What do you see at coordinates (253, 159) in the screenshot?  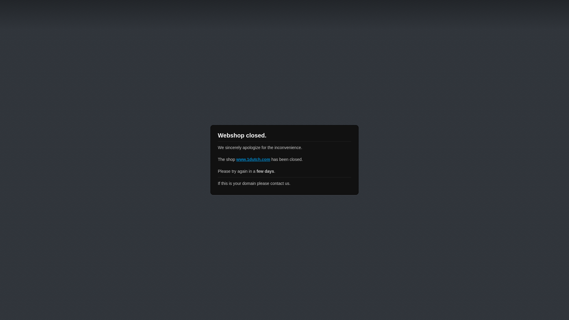 I see `'www.1dutch.com'` at bounding box center [253, 159].